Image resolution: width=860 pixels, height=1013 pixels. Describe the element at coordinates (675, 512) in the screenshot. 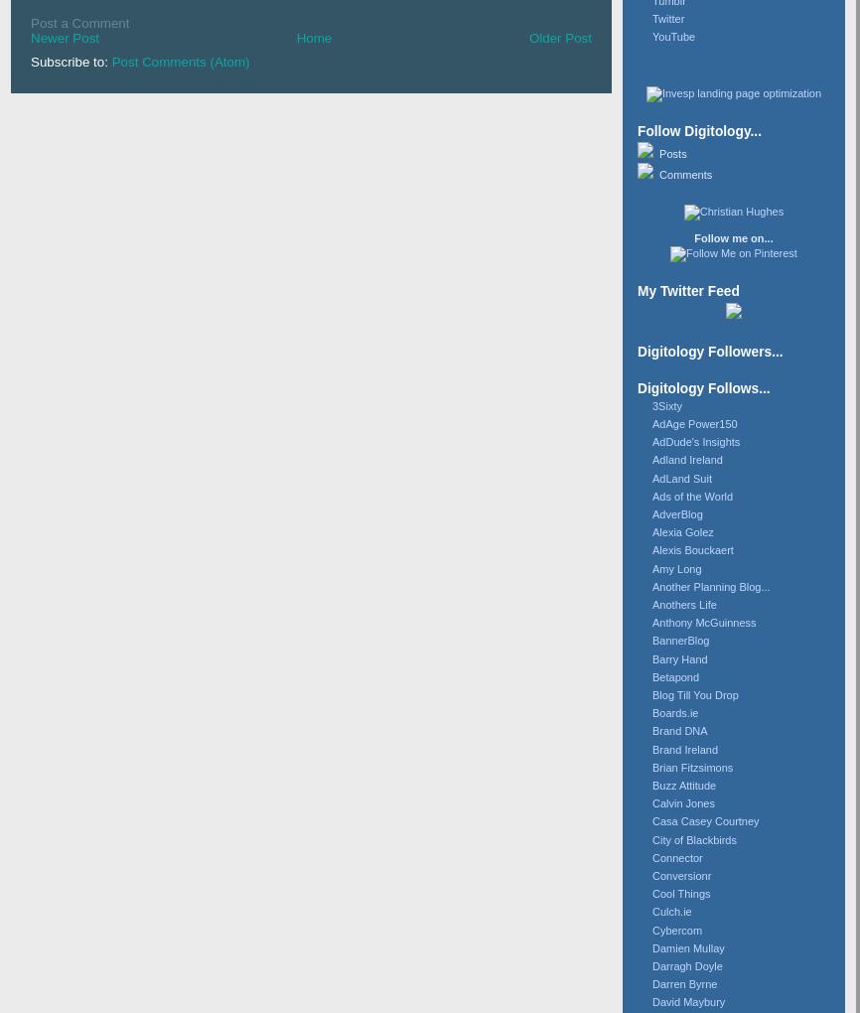

I see `'AdverBlog'` at that location.